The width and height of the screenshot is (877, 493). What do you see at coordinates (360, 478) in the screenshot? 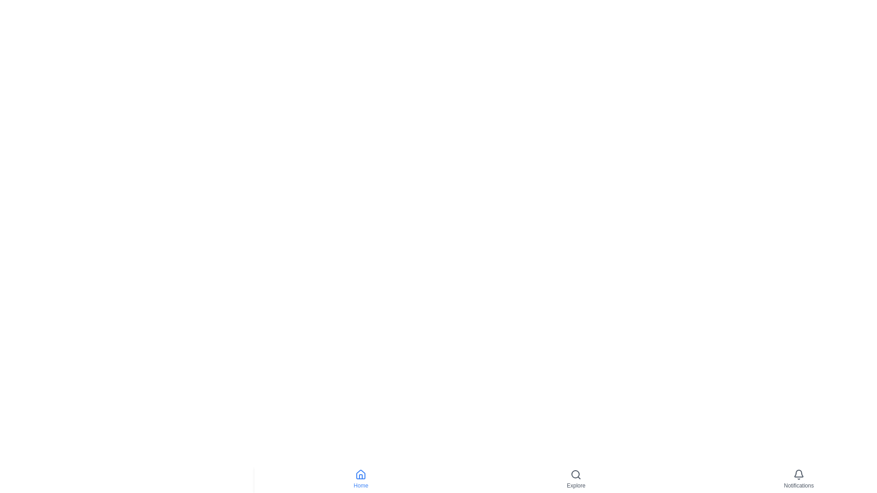
I see `the 'Home' button with a blue outlined house icon` at bounding box center [360, 478].